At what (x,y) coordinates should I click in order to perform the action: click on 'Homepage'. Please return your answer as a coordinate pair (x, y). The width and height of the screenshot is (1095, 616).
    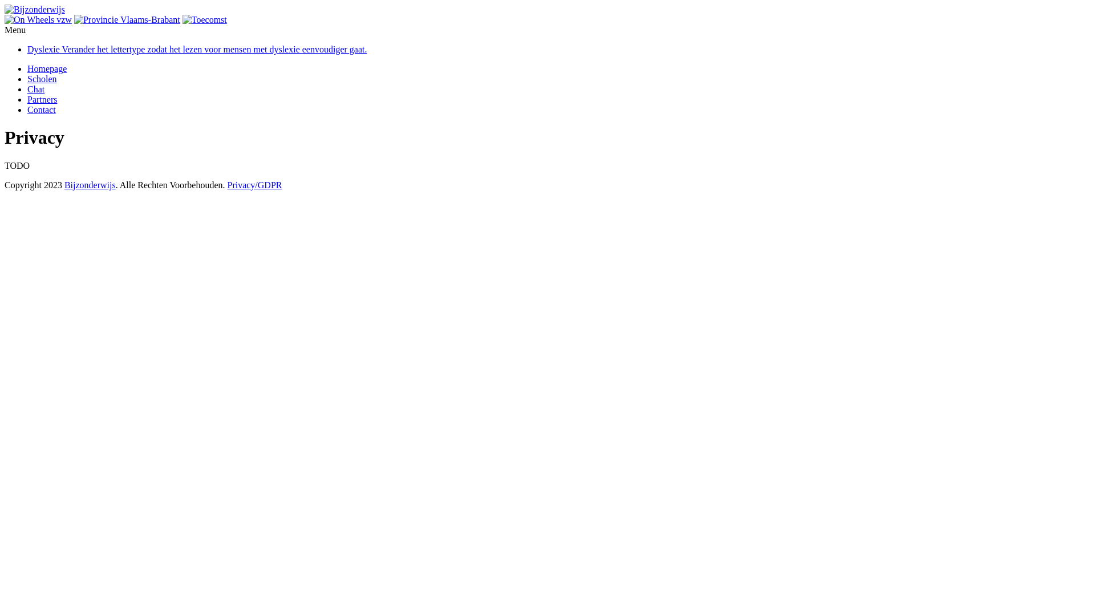
    Looking at the image, I should click on (46, 68).